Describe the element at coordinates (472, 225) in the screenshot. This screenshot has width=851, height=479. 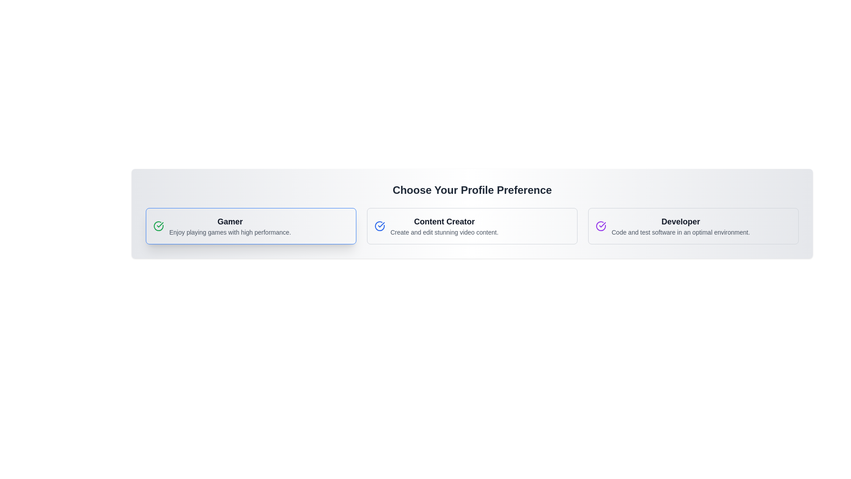
I see `the 'Content Creator' profile option` at that location.